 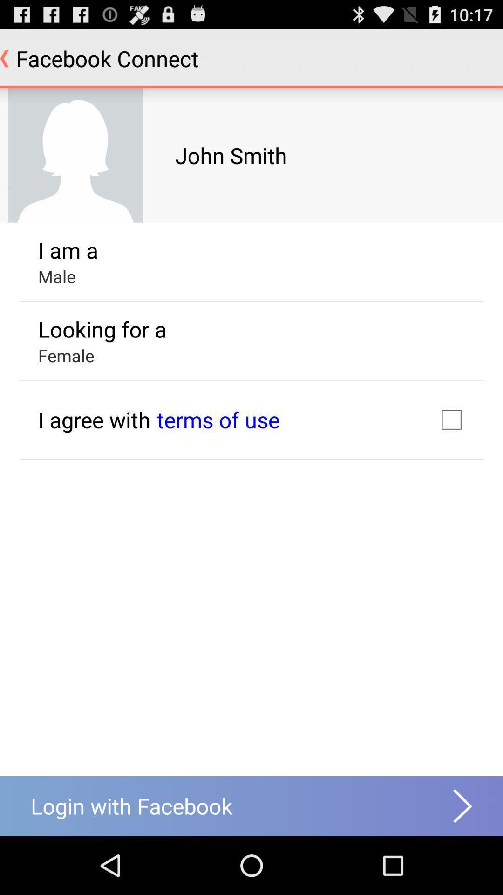 I want to click on i agree with, so click(x=94, y=419).